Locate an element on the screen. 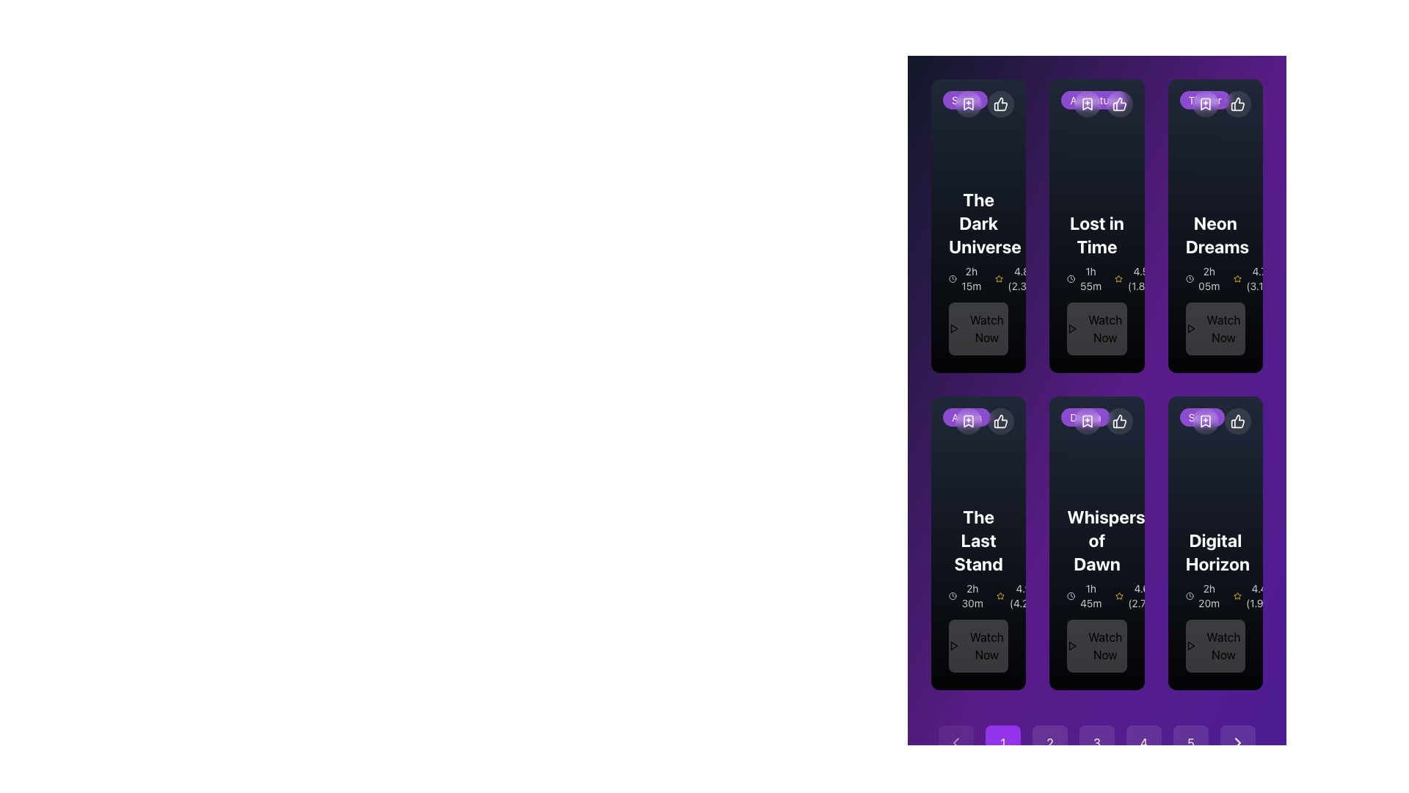 The image size is (1409, 793). the yellow star icon representing a rating indicator, which is positioned to the left of the numerical rating text is located at coordinates (1118, 279).